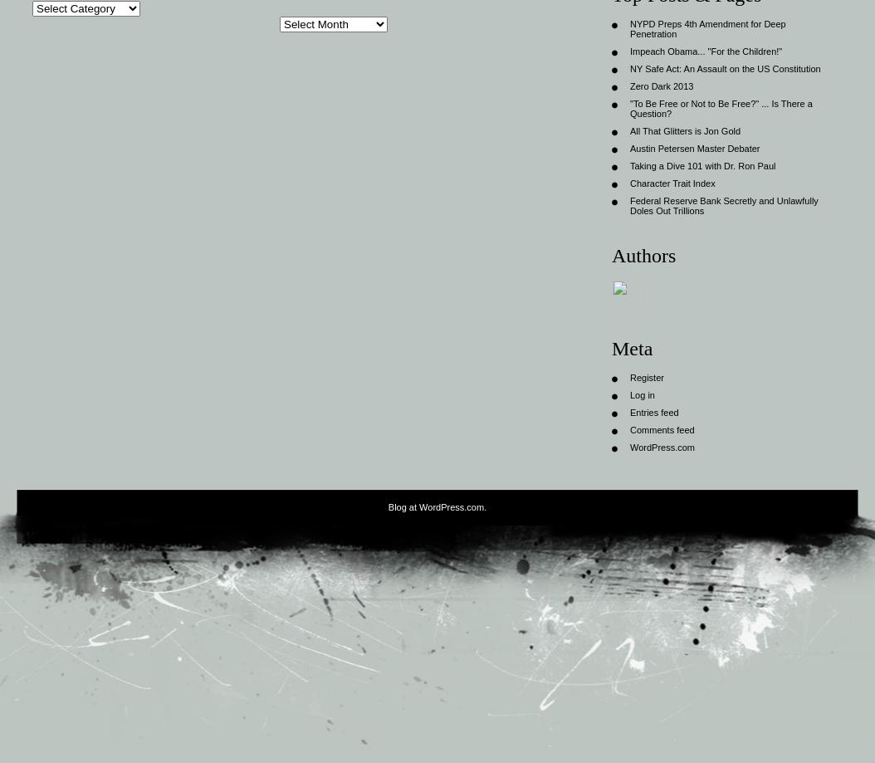 Image resolution: width=875 pixels, height=763 pixels. Describe the element at coordinates (647, 376) in the screenshot. I see `'Register'` at that location.